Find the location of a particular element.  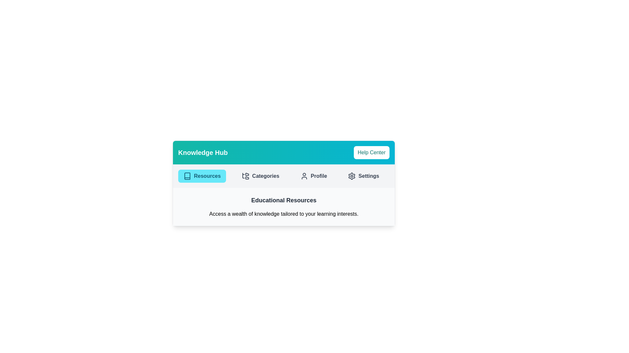

the center of the settings icon, represented as a gear is located at coordinates (352, 176).